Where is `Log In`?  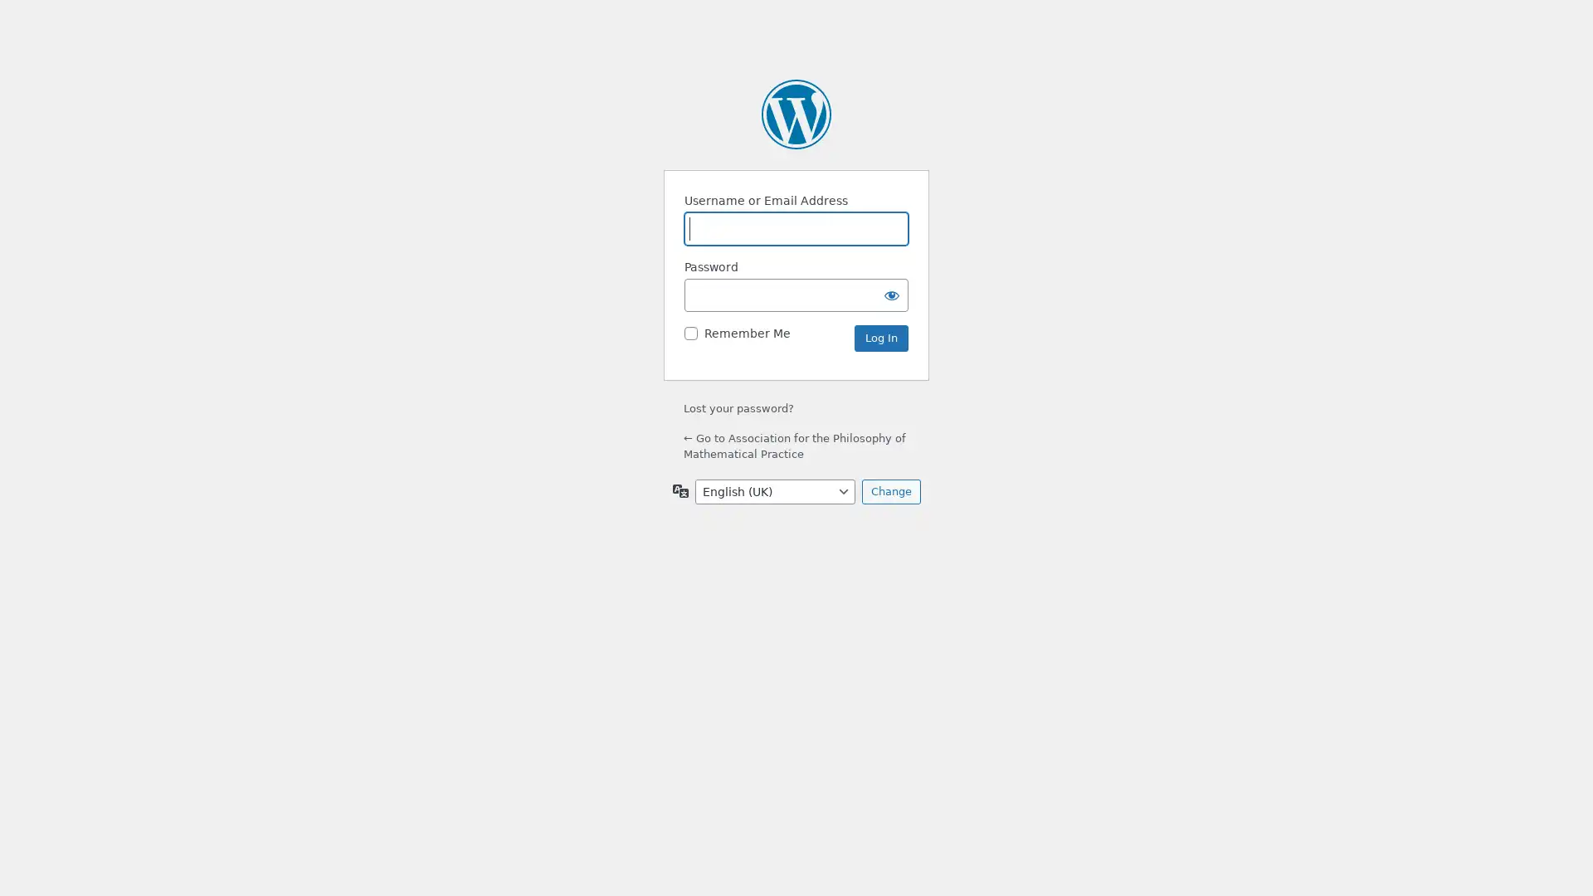 Log In is located at coordinates (880, 338).